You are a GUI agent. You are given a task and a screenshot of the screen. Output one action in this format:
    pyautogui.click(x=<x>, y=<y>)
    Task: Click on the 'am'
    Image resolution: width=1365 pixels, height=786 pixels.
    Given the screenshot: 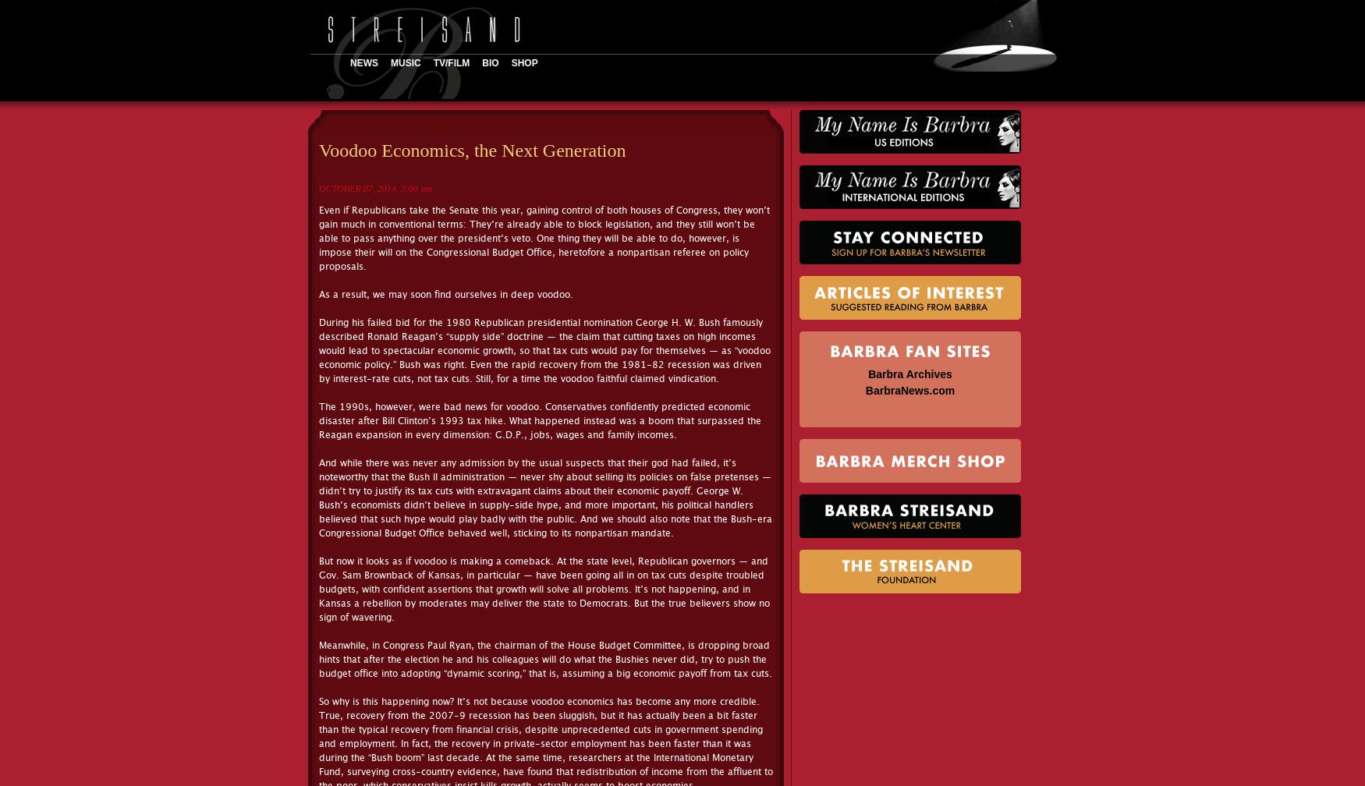 What is the action you would take?
    pyautogui.click(x=425, y=189)
    